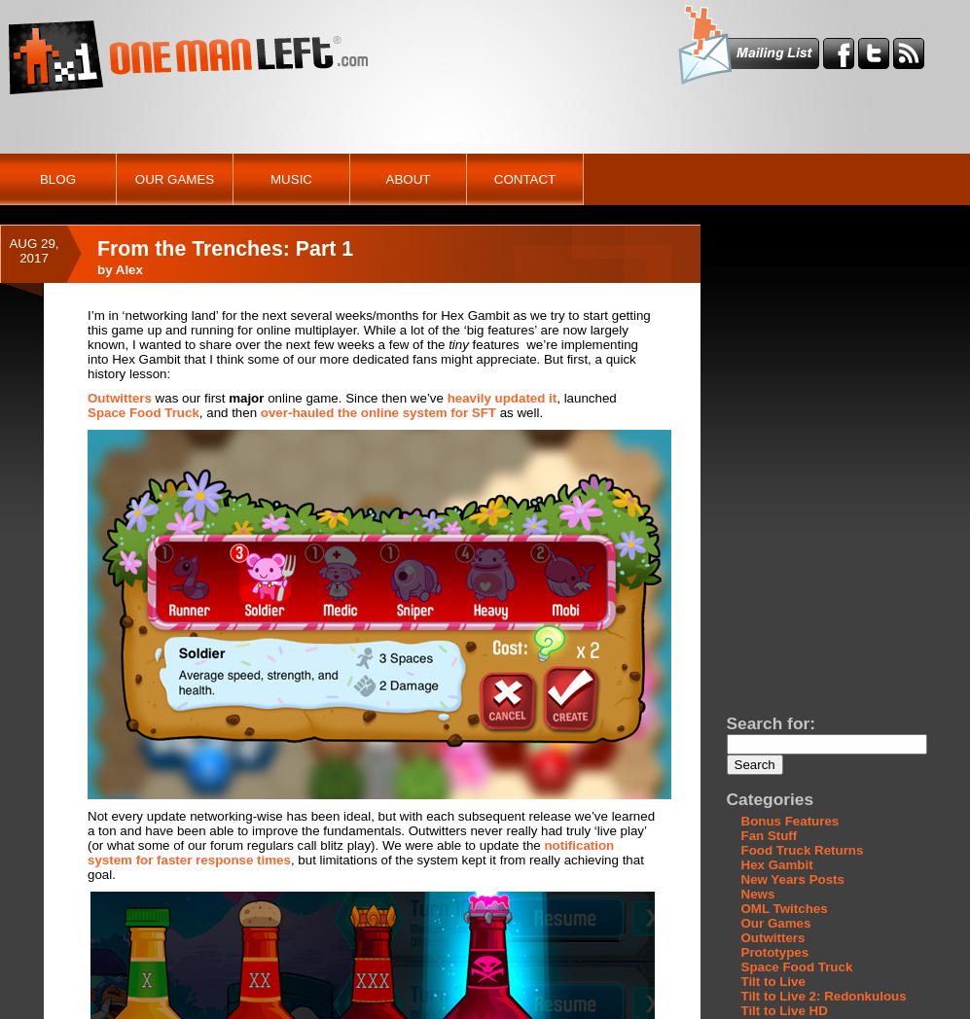 This screenshot has height=1019, width=970. I want to click on 'From the Trenches: Part 1', so click(224, 249).